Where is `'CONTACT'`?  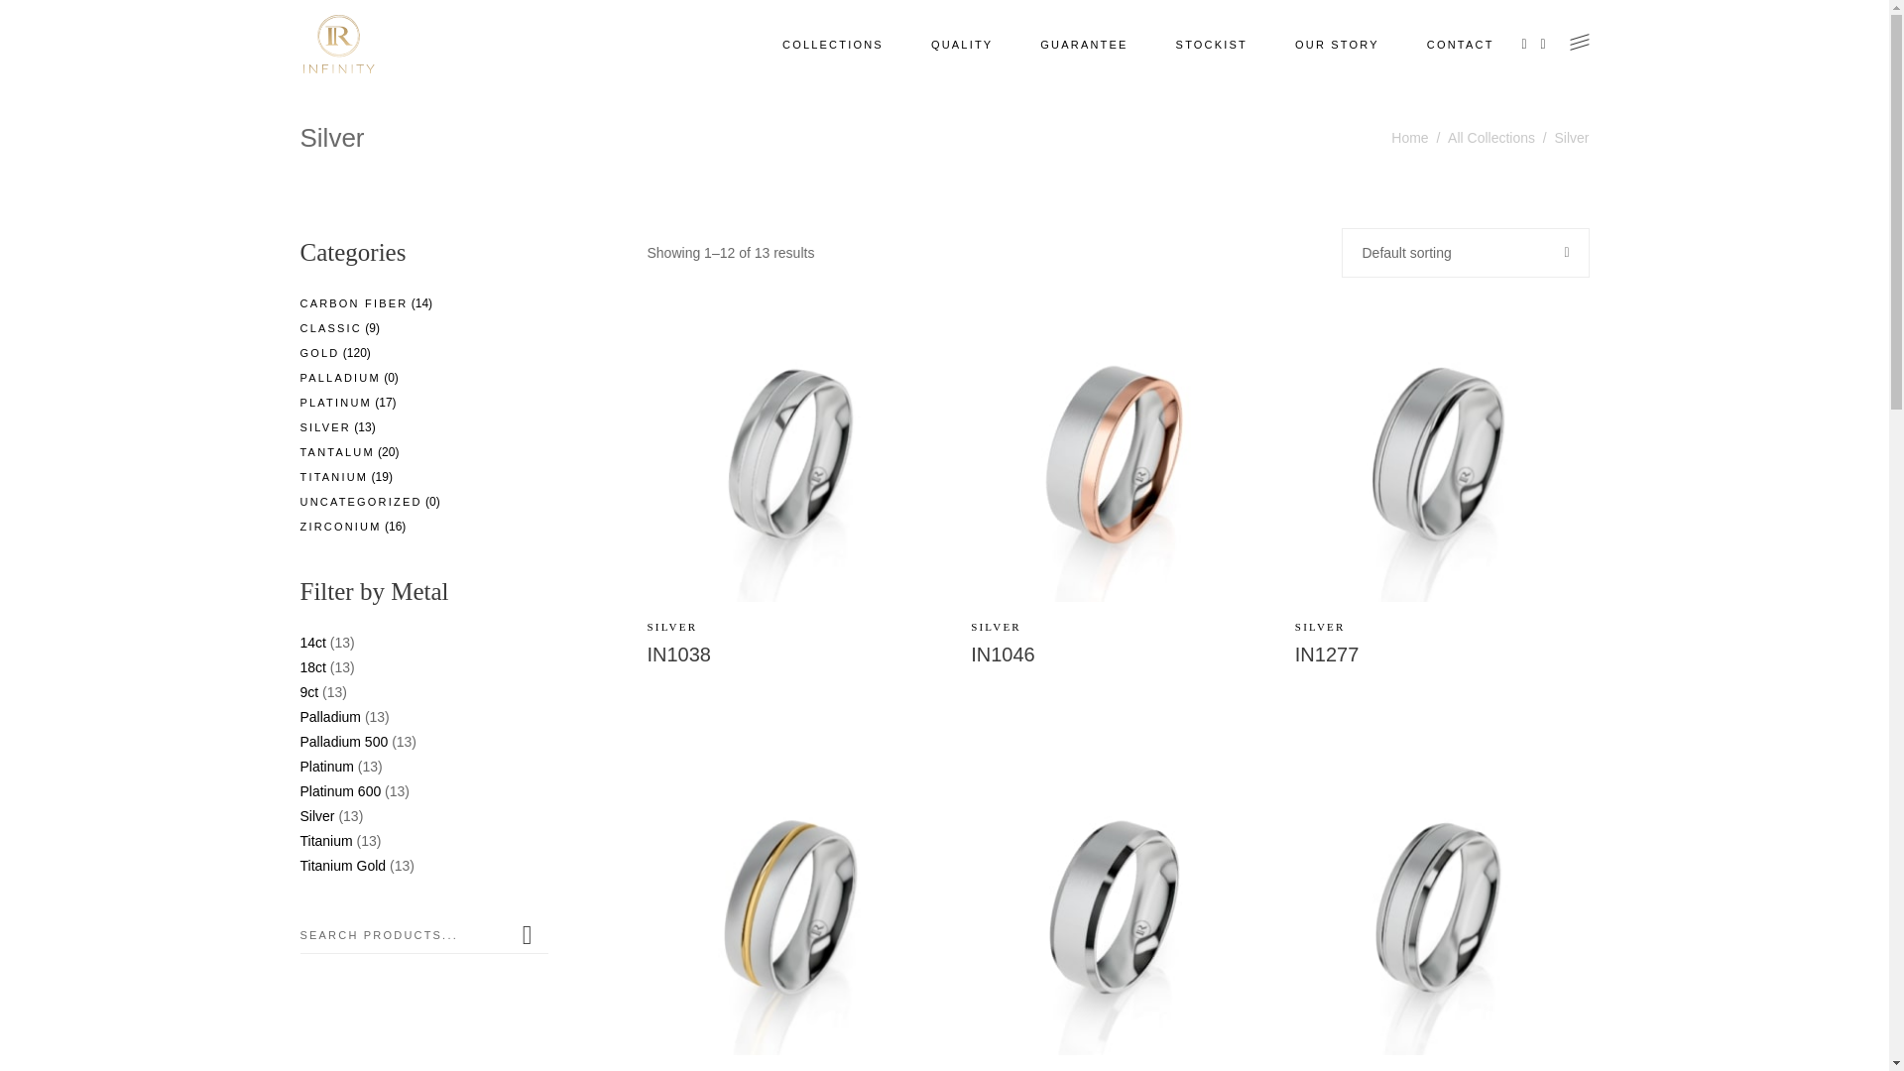
'CONTACT' is located at coordinates (1461, 45).